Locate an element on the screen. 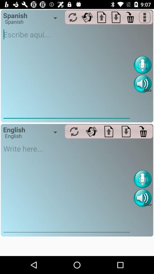 The width and height of the screenshot is (154, 274). upload is located at coordinates (109, 131).